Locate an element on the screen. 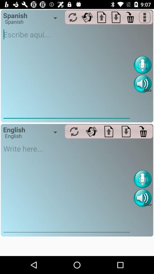 The width and height of the screenshot is (154, 274). upload is located at coordinates (109, 131).